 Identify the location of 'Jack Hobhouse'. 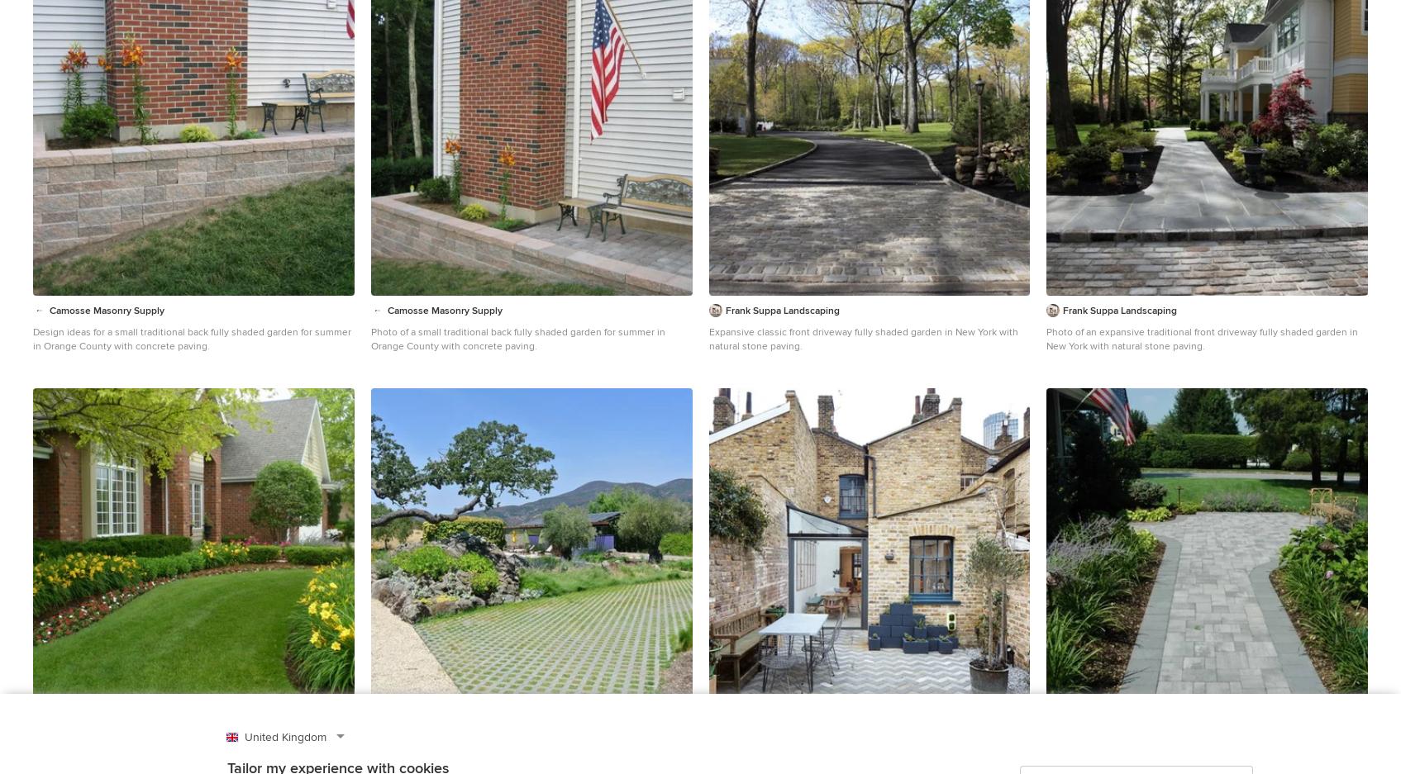
(707, 745).